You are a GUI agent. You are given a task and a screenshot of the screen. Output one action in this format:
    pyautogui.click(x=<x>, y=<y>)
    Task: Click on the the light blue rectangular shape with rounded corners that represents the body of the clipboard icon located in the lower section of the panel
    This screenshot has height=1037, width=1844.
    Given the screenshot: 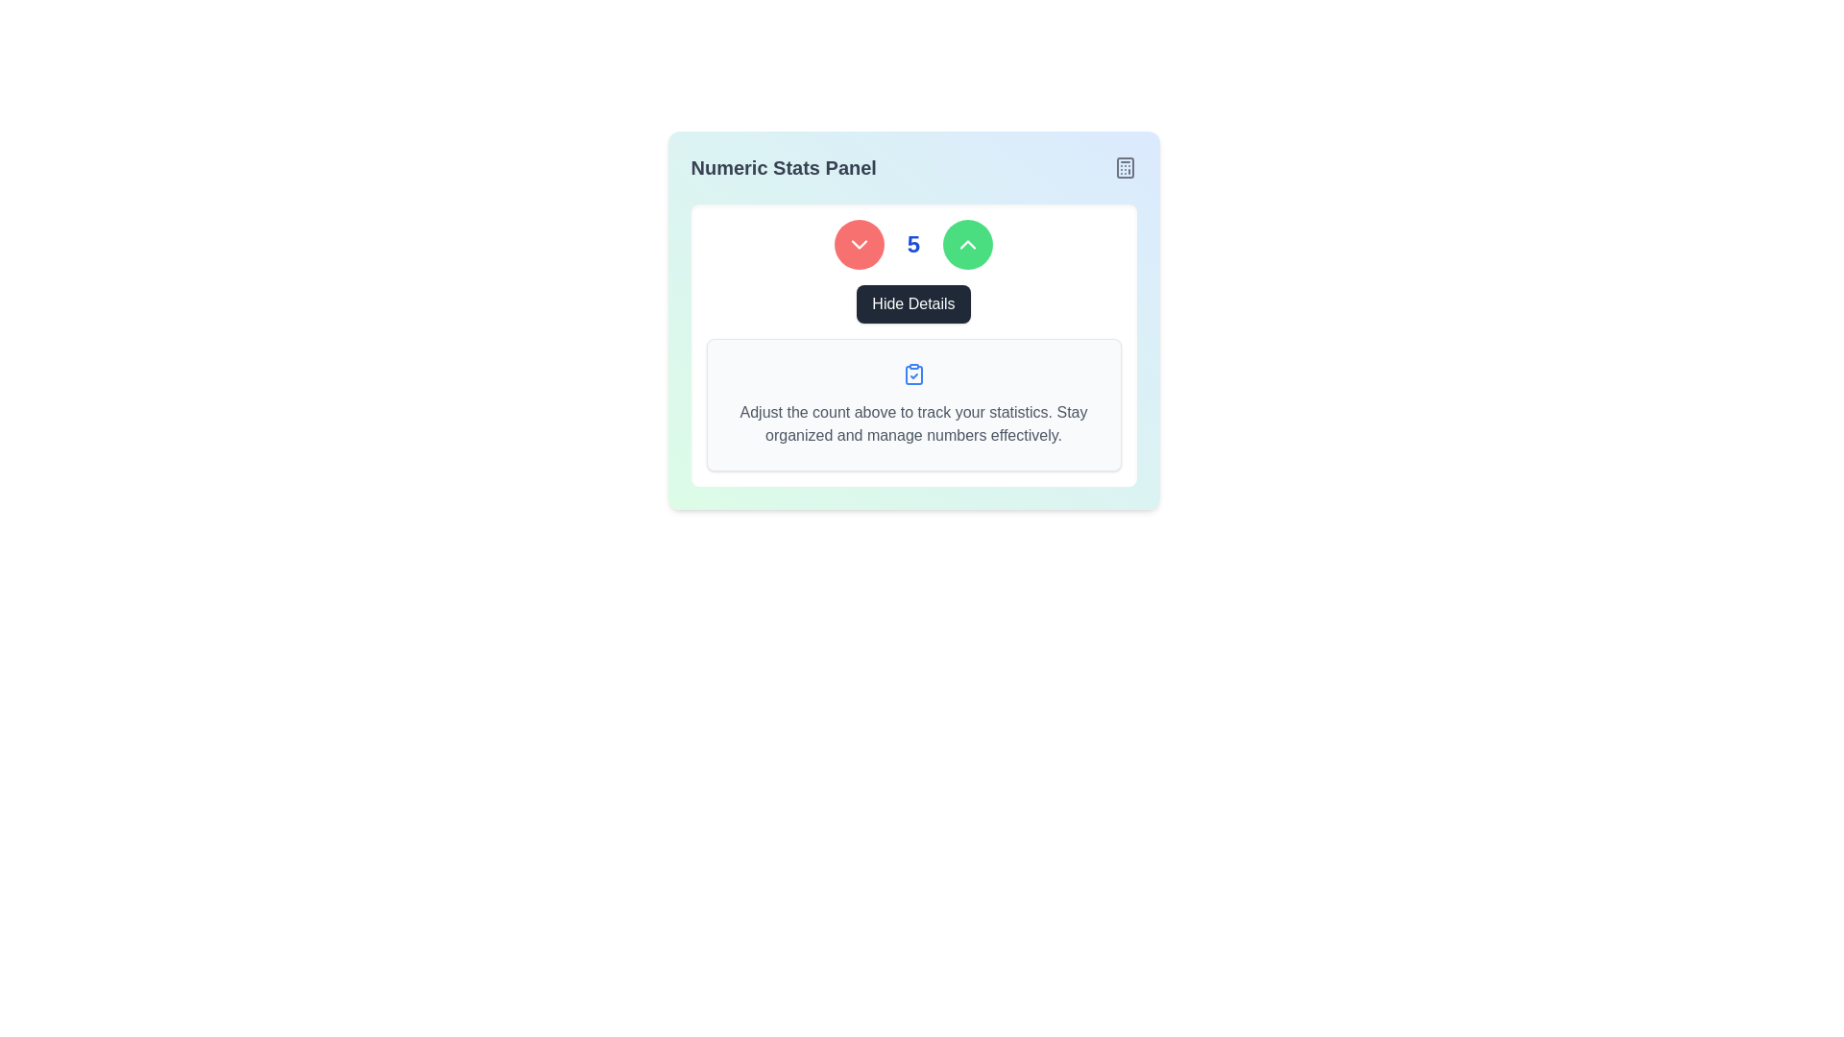 What is the action you would take?
    pyautogui.click(x=912, y=374)
    